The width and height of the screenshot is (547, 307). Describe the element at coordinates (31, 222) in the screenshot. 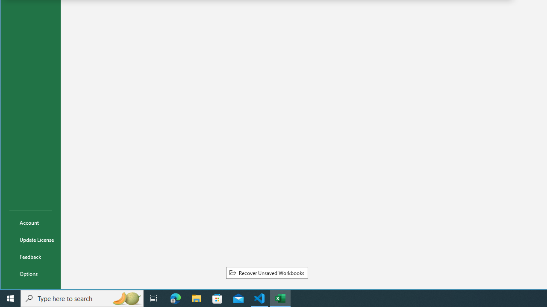

I see `'Account'` at that location.